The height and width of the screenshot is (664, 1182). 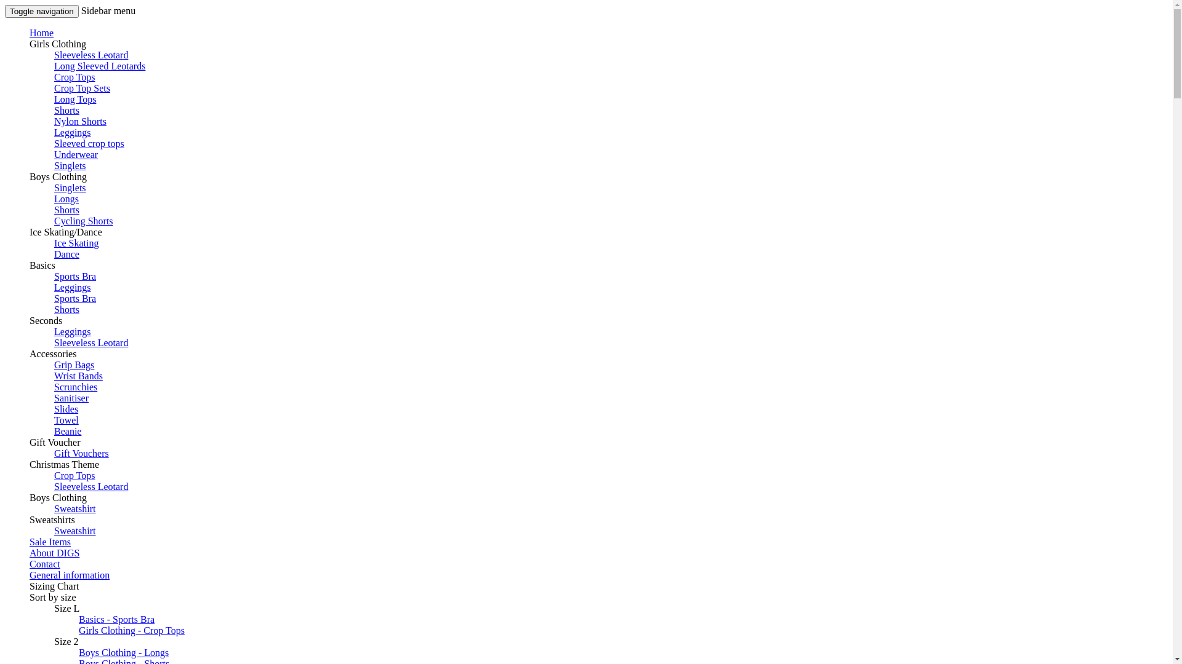 What do you see at coordinates (54, 552) in the screenshot?
I see `'About DIGS'` at bounding box center [54, 552].